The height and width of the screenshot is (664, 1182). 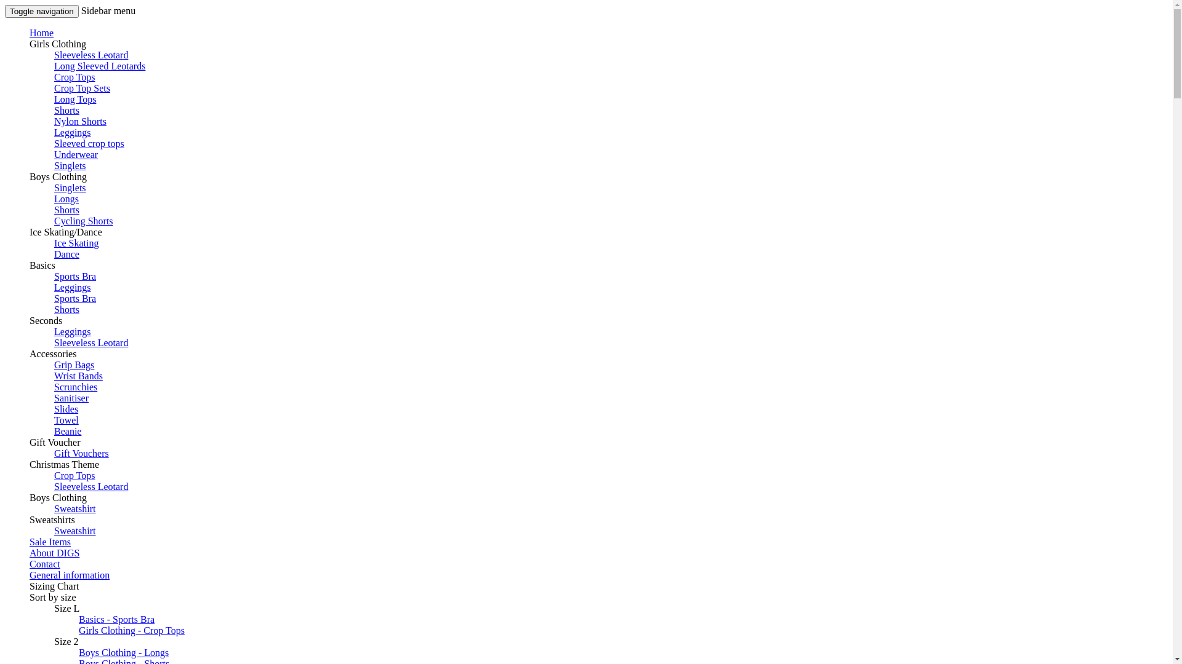 What do you see at coordinates (54, 552) in the screenshot?
I see `'About DIGS'` at bounding box center [54, 552].